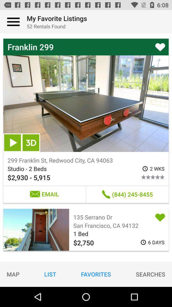 The height and width of the screenshot is (307, 172). Describe the element at coordinates (13, 22) in the screenshot. I see `more options` at that location.